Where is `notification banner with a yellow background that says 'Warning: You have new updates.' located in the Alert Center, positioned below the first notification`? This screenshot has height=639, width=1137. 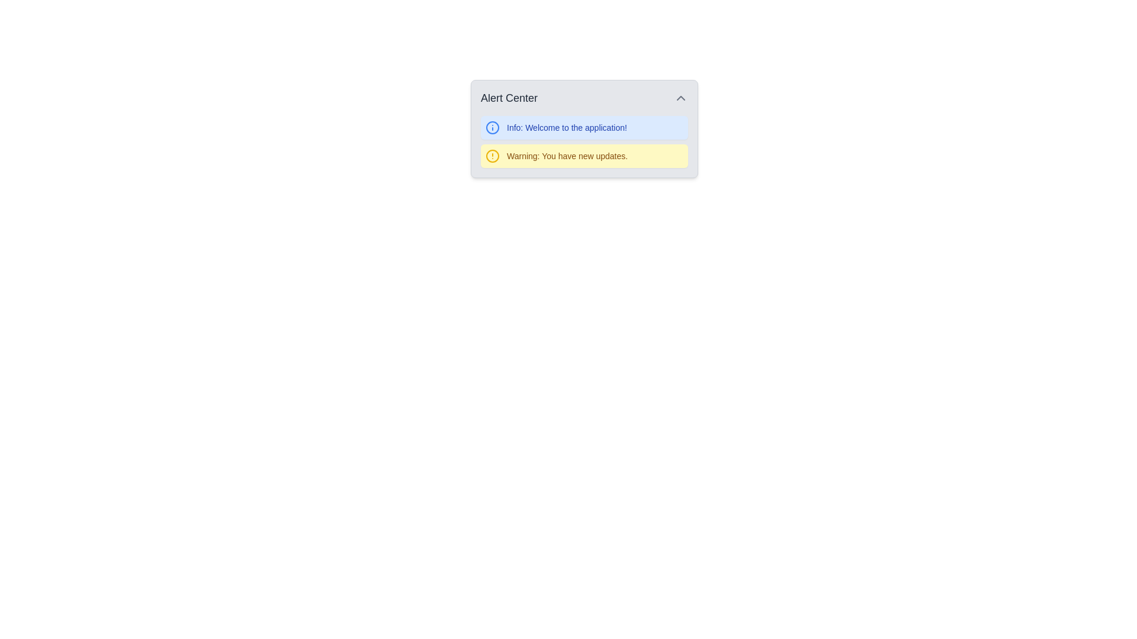
notification banner with a yellow background that says 'Warning: You have new updates.' located in the Alert Center, positioned below the first notification is located at coordinates (584, 155).